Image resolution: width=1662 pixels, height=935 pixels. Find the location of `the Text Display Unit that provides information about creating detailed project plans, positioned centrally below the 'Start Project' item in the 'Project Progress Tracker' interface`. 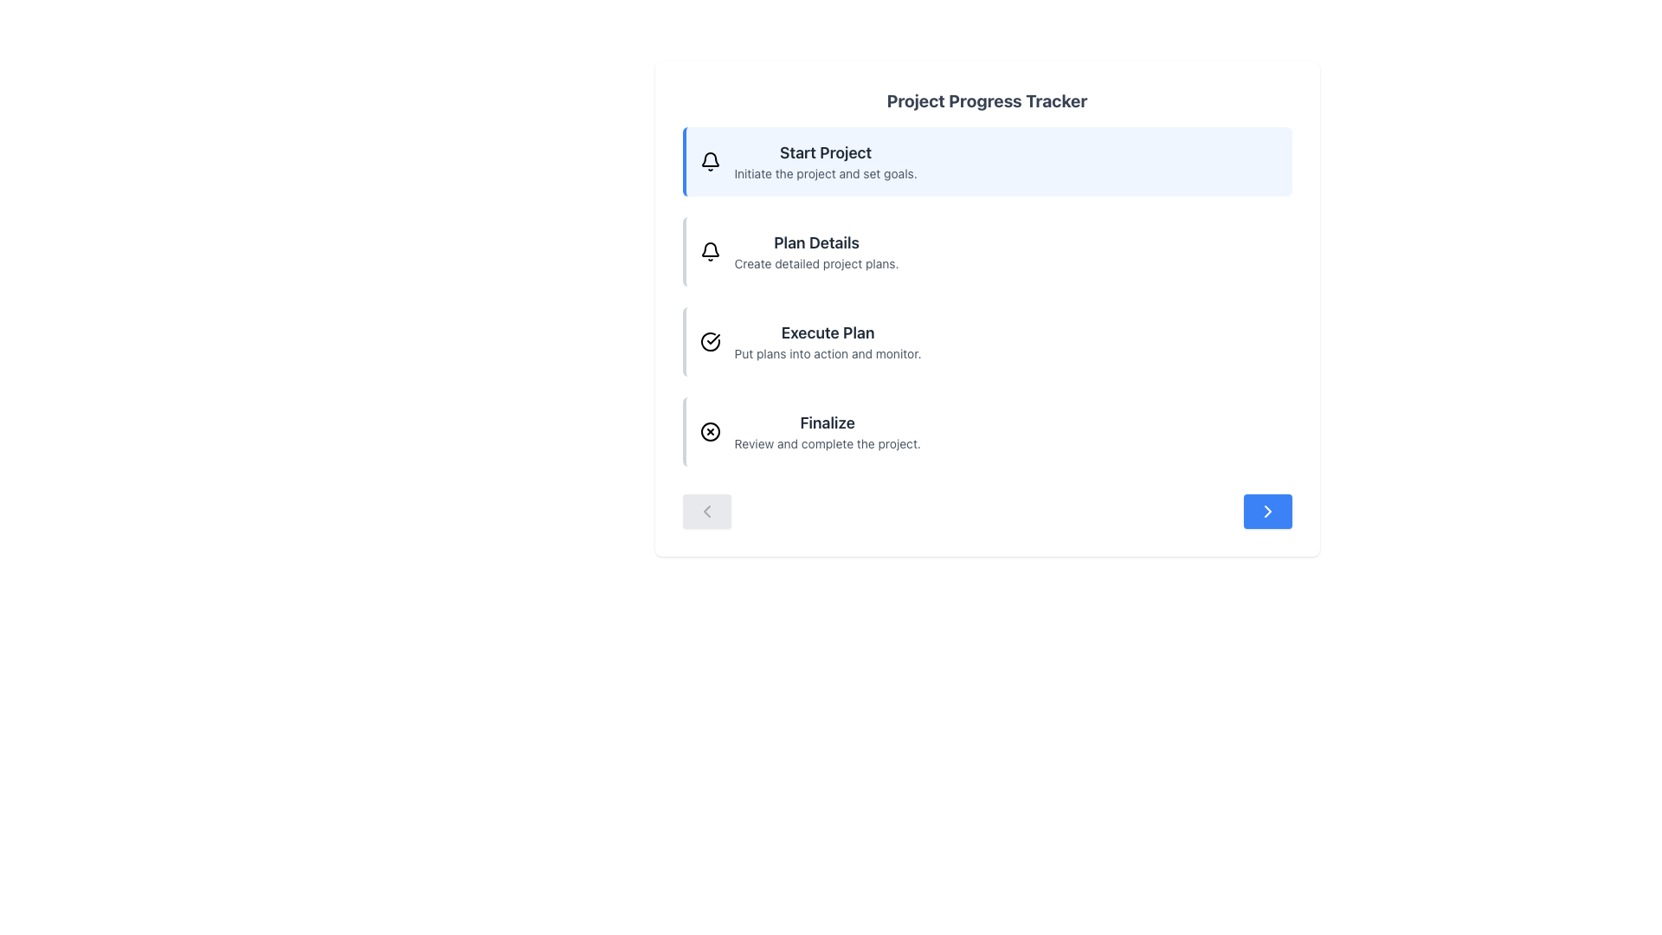

the Text Display Unit that provides information about creating detailed project plans, positioned centrally below the 'Start Project' item in the 'Project Progress Tracker' interface is located at coordinates (815, 251).